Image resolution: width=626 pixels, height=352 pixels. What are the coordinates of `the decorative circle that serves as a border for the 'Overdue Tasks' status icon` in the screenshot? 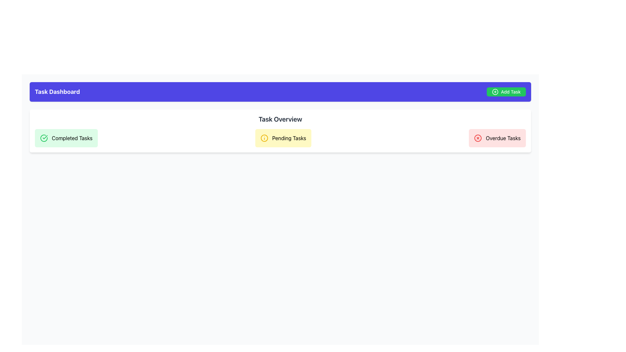 It's located at (478, 138).